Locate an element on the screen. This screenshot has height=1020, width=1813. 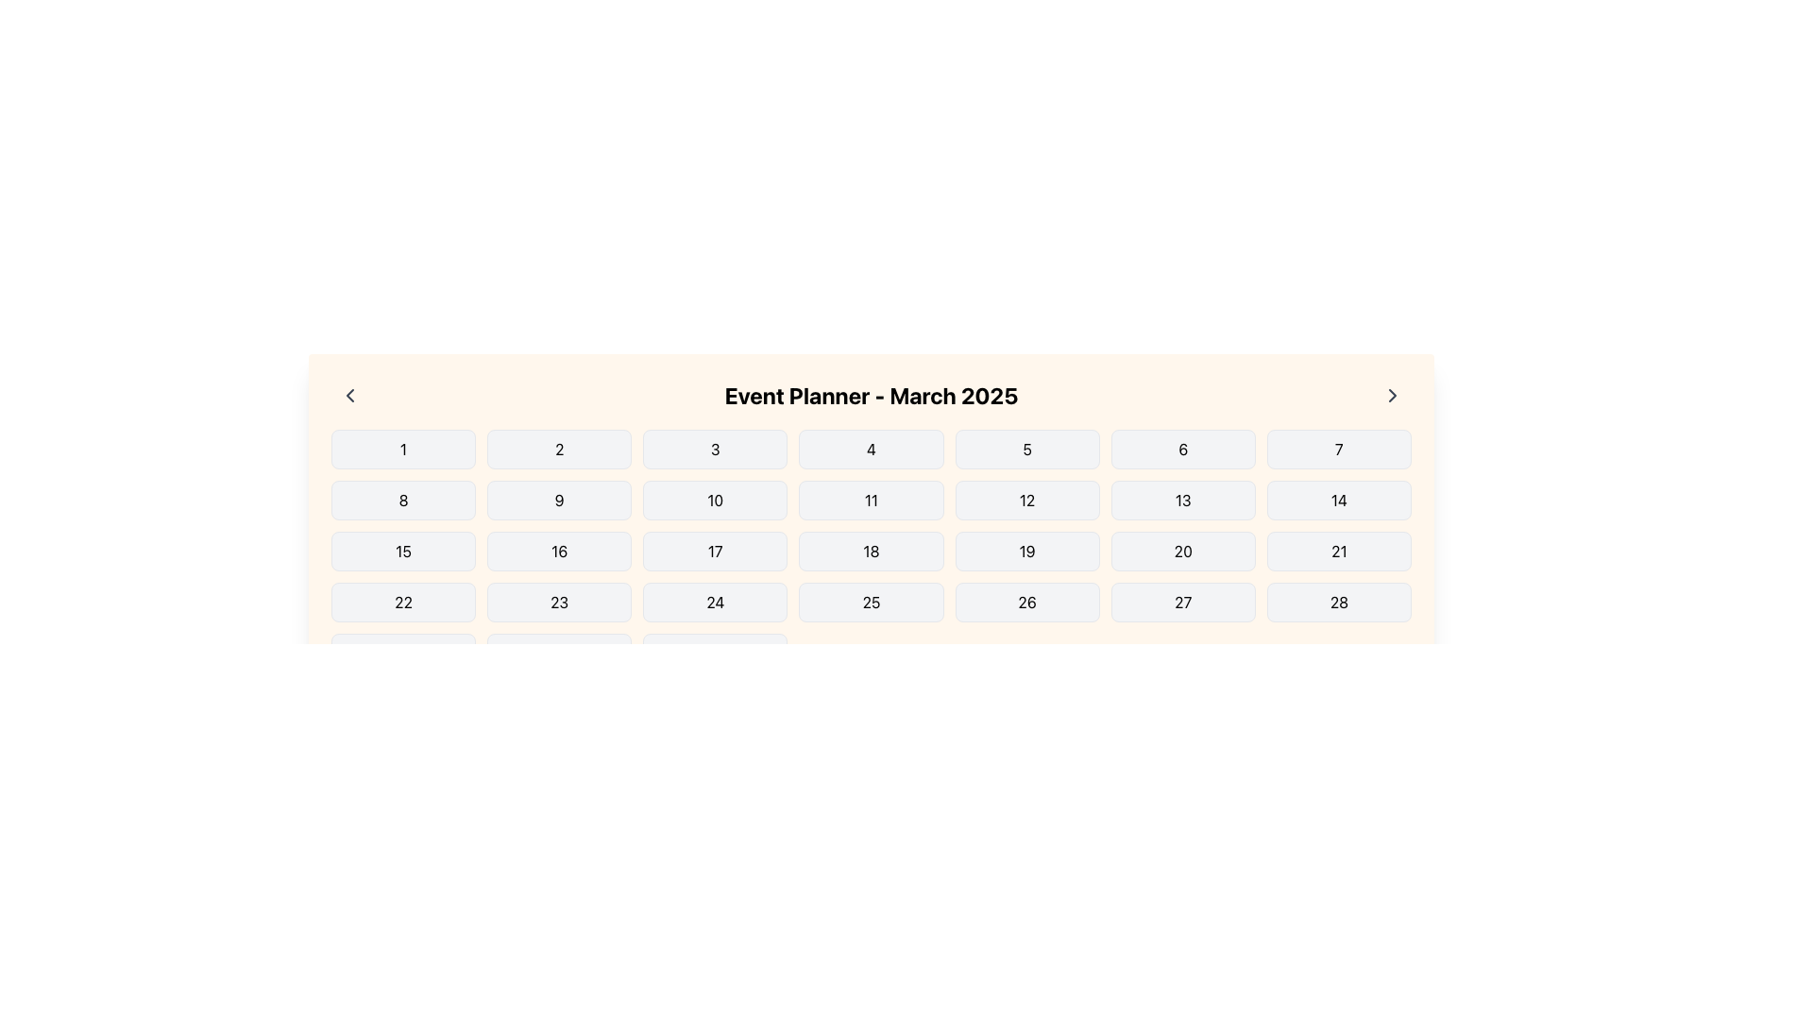
the numeral '17' button in the calendar grid is located at coordinates (714, 551).